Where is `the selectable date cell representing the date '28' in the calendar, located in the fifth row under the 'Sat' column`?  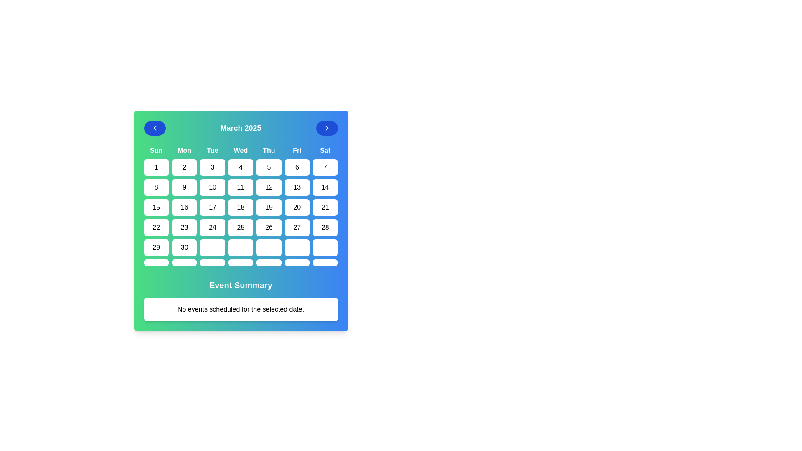 the selectable date cell representing the date '28' in the calendar, located in the fifth row under the 'Sat' column is located at coordinates (325, 227).